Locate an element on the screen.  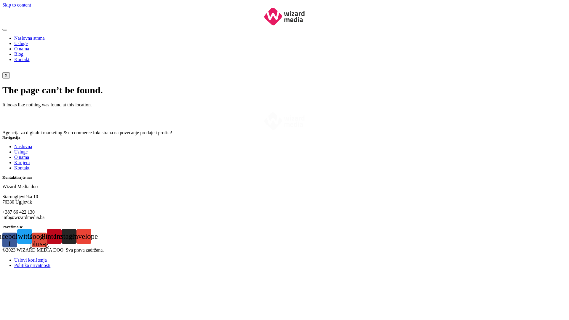
'Kontakt' is located at coordinates (22, 59).